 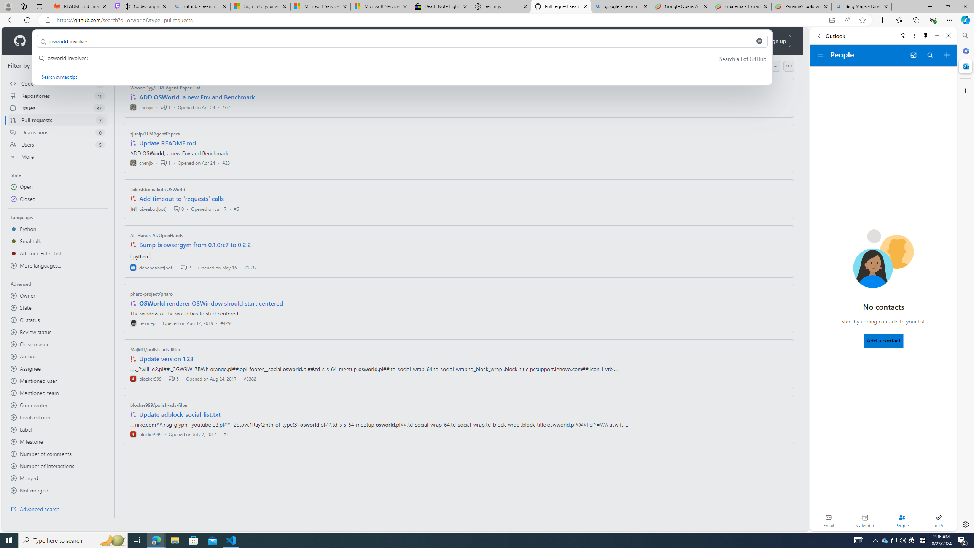 What do you see at coordinates (250, 378) in the screenshot?
I see `'#3382'` at bounding box center [250, 378].